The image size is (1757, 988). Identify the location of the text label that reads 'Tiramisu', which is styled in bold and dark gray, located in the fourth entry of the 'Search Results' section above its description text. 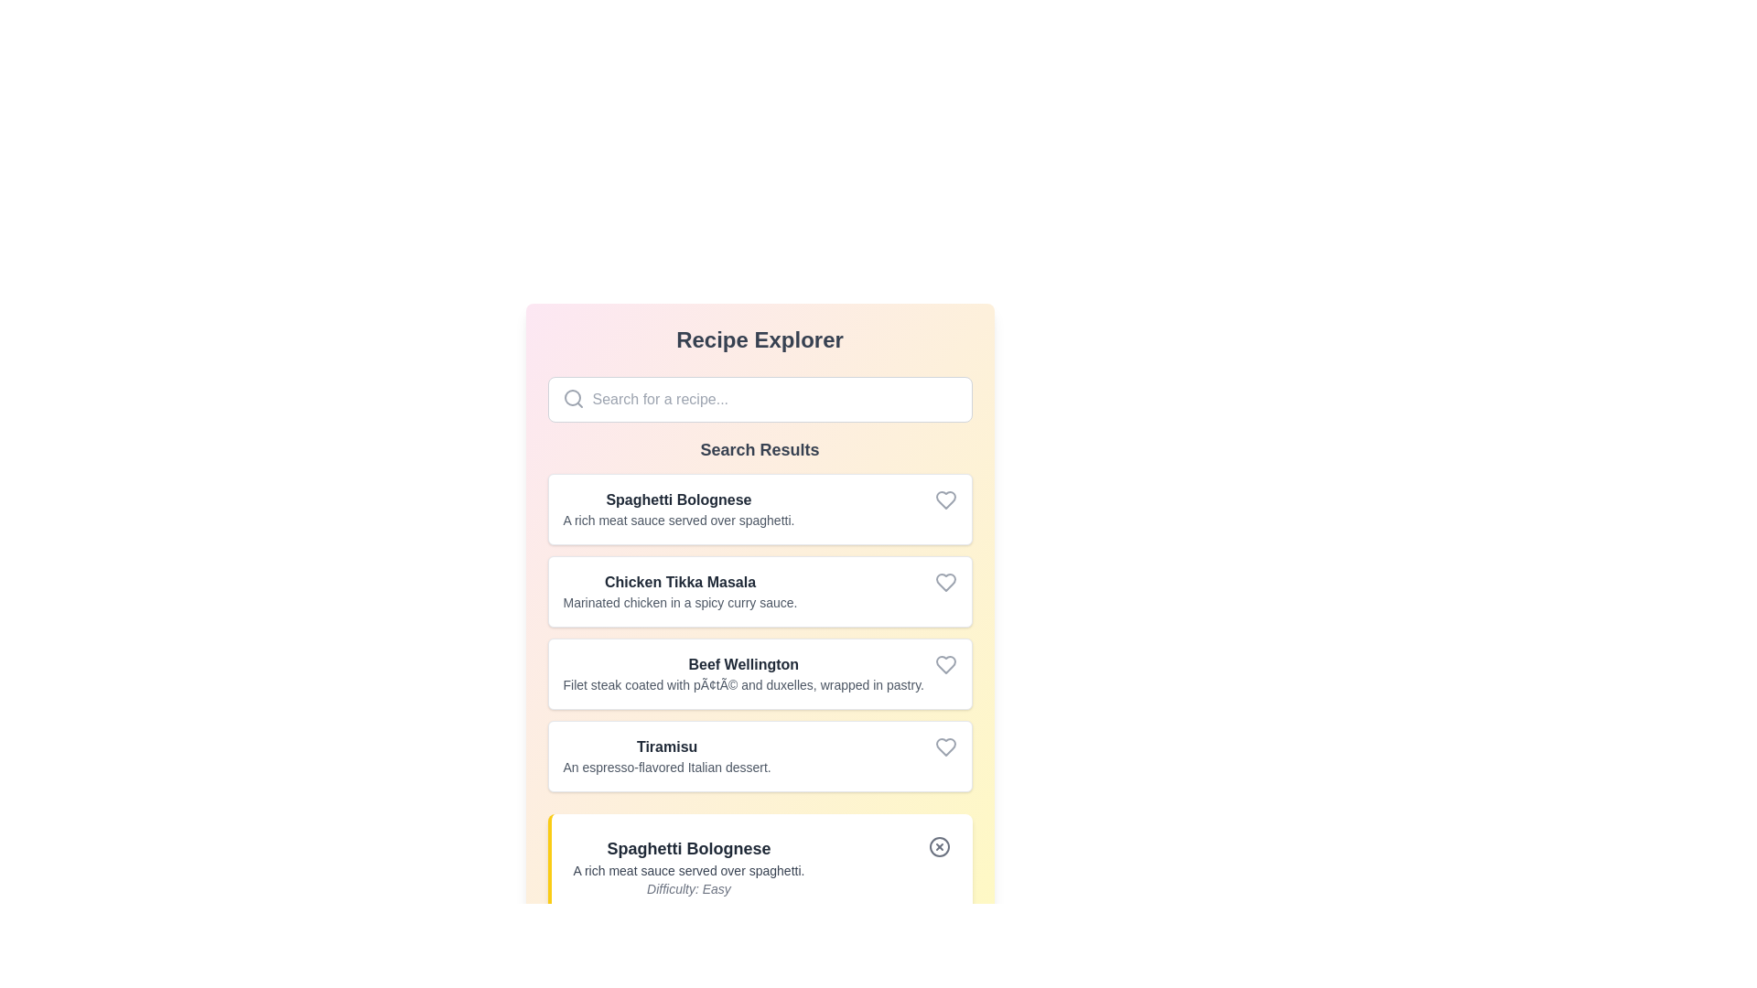
(666, 747).